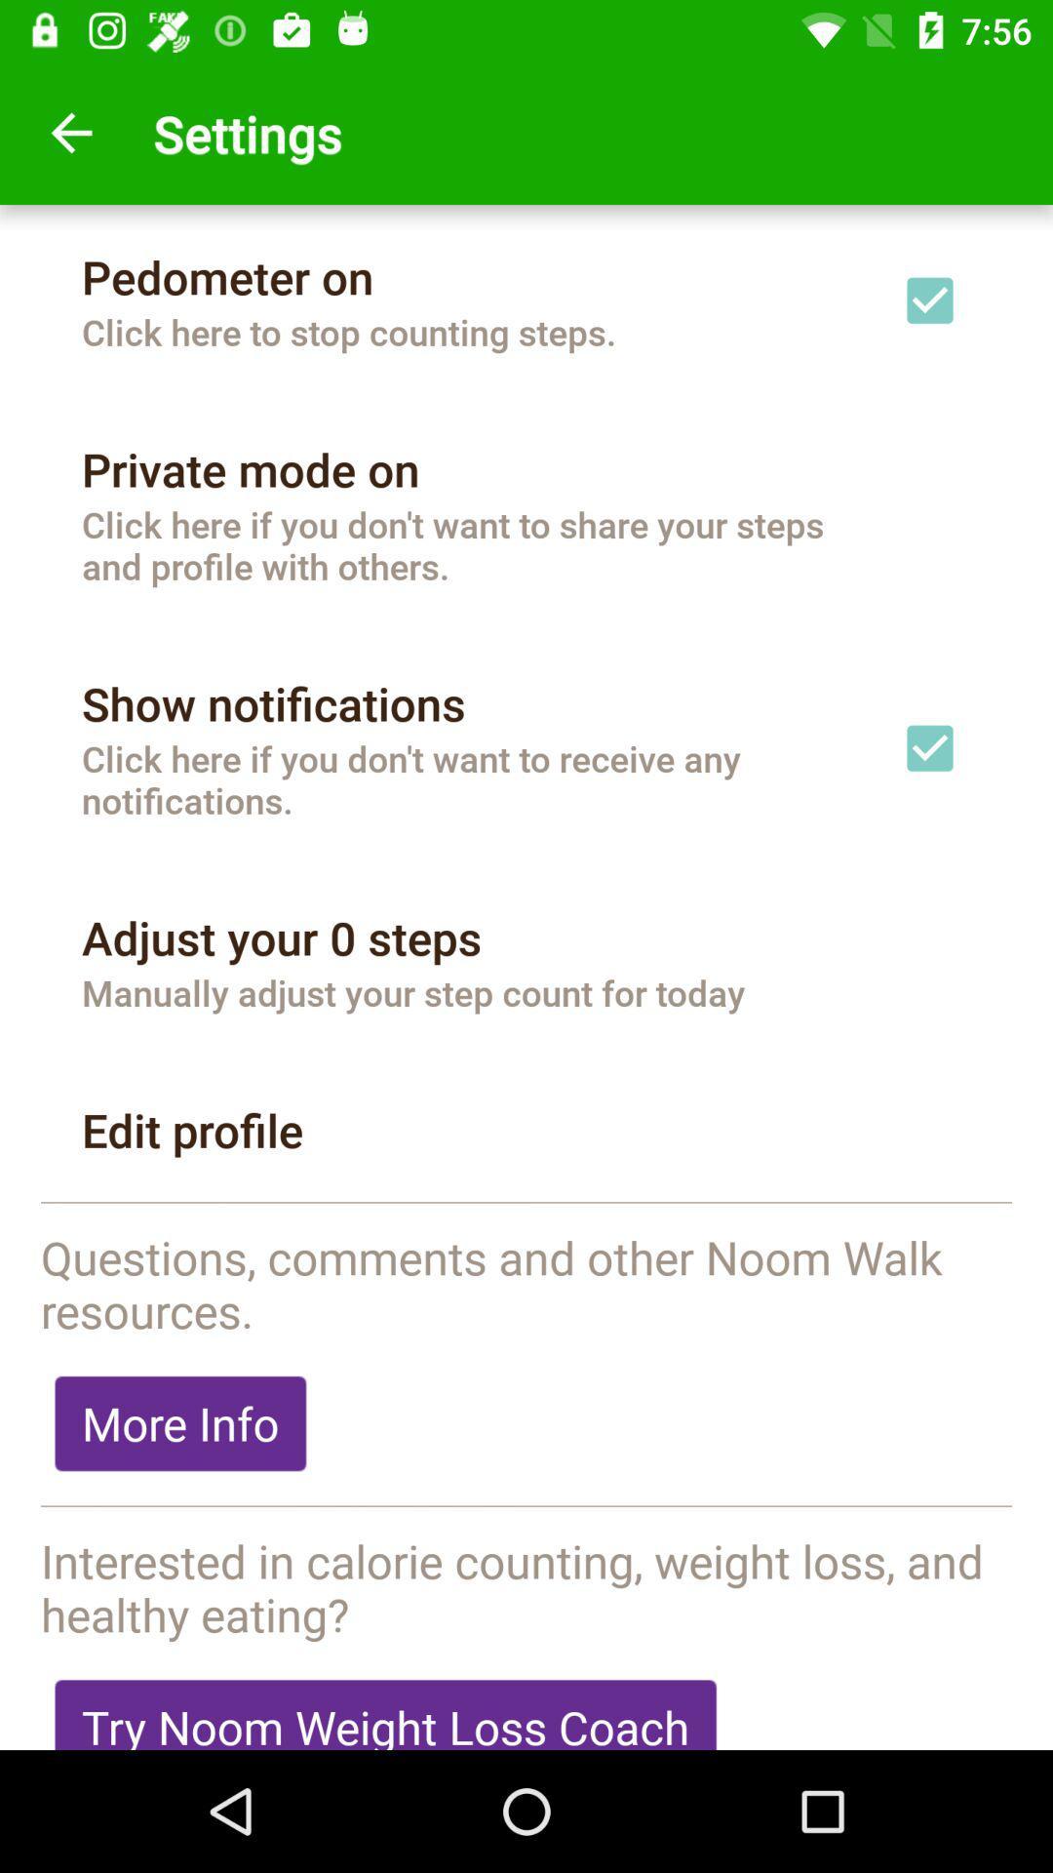 This screenshot has height=1873, width=1053. What do you see at coordinates (273, 702) in the screenshot?
I see `the item below the click here if` at bounding box center [273, 702].